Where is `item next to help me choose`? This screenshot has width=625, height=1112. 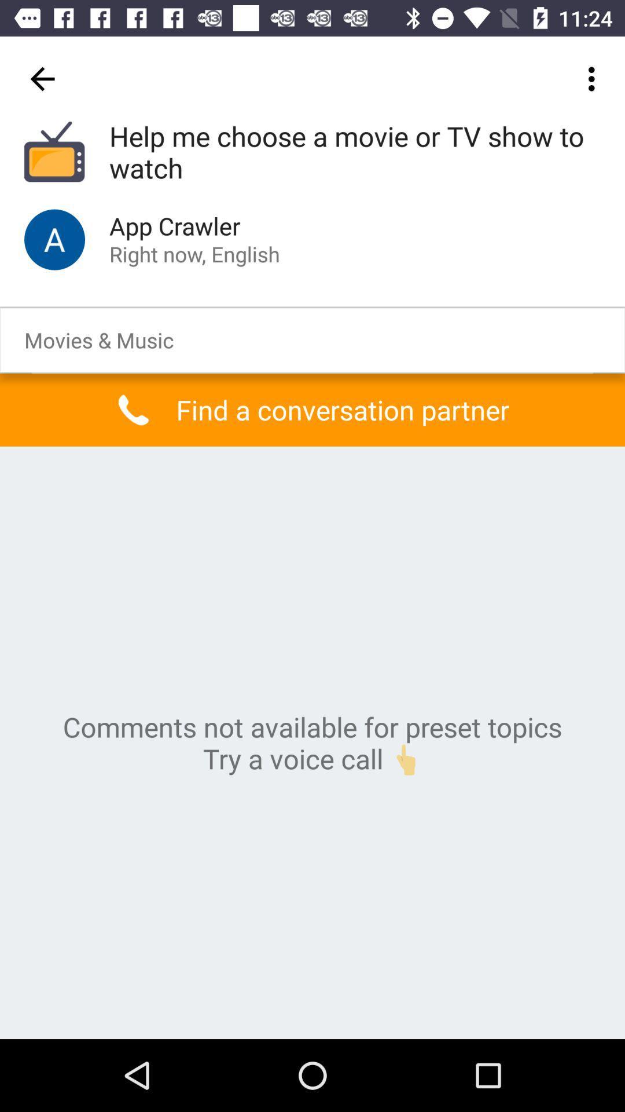 item next to help me choose is located at coordinates (42, 78).